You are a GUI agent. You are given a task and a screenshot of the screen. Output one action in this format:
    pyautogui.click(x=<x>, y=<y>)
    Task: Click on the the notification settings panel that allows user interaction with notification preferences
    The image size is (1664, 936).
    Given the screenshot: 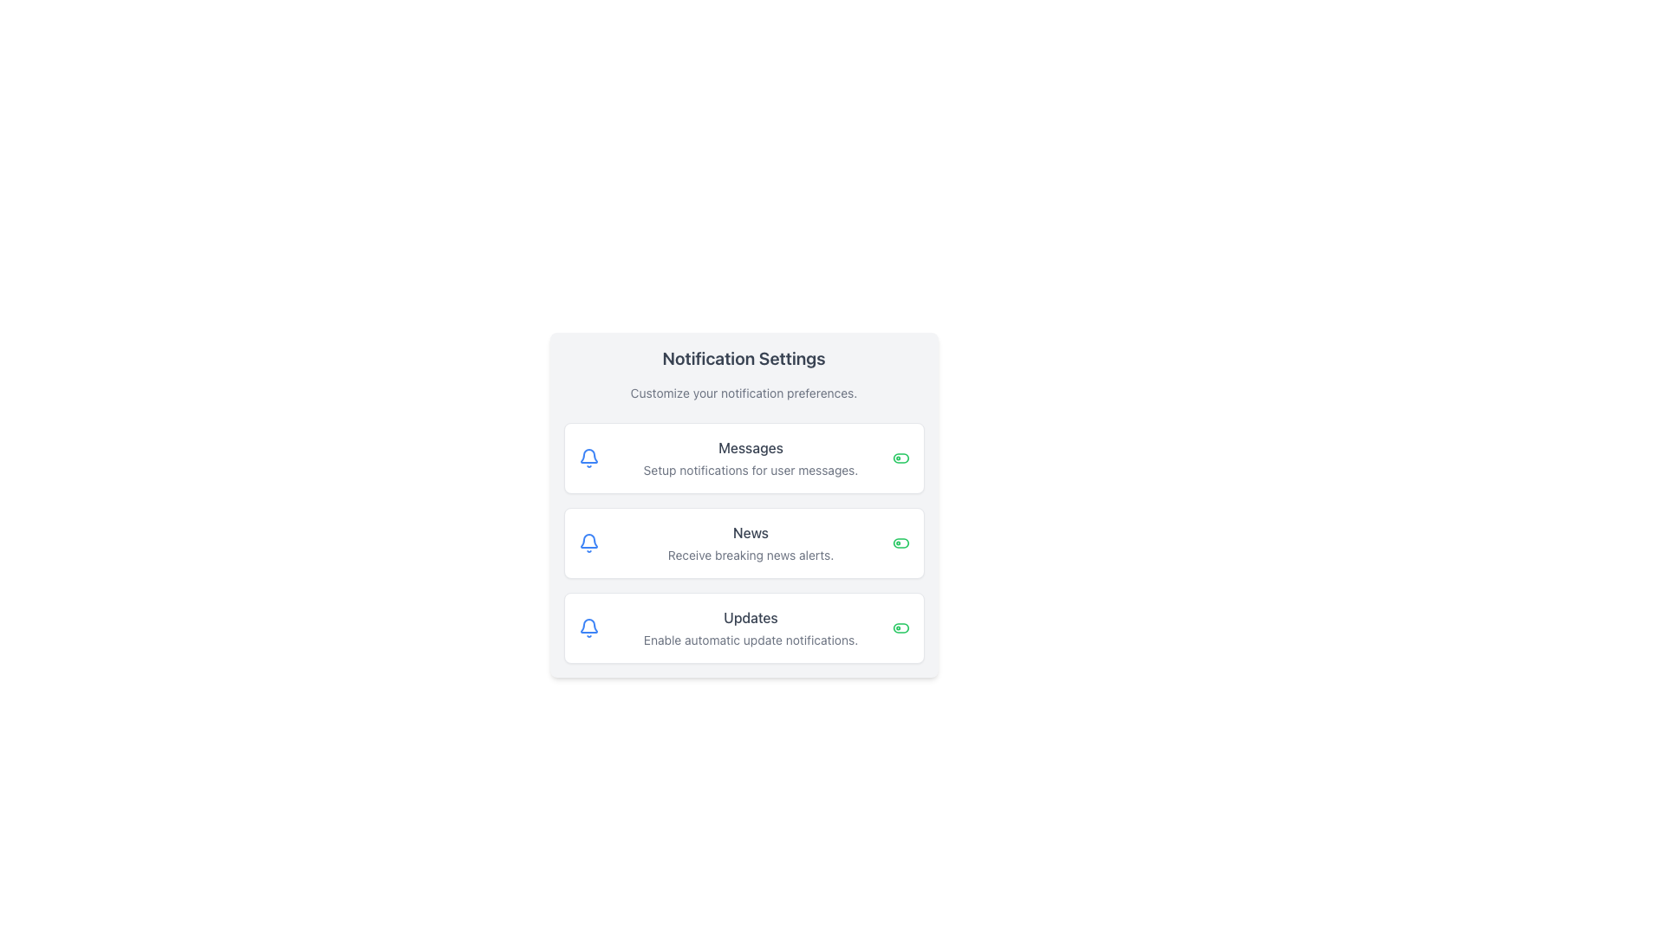 What is the action you would take?
    pyautogui.click(x=744, y=504)
    